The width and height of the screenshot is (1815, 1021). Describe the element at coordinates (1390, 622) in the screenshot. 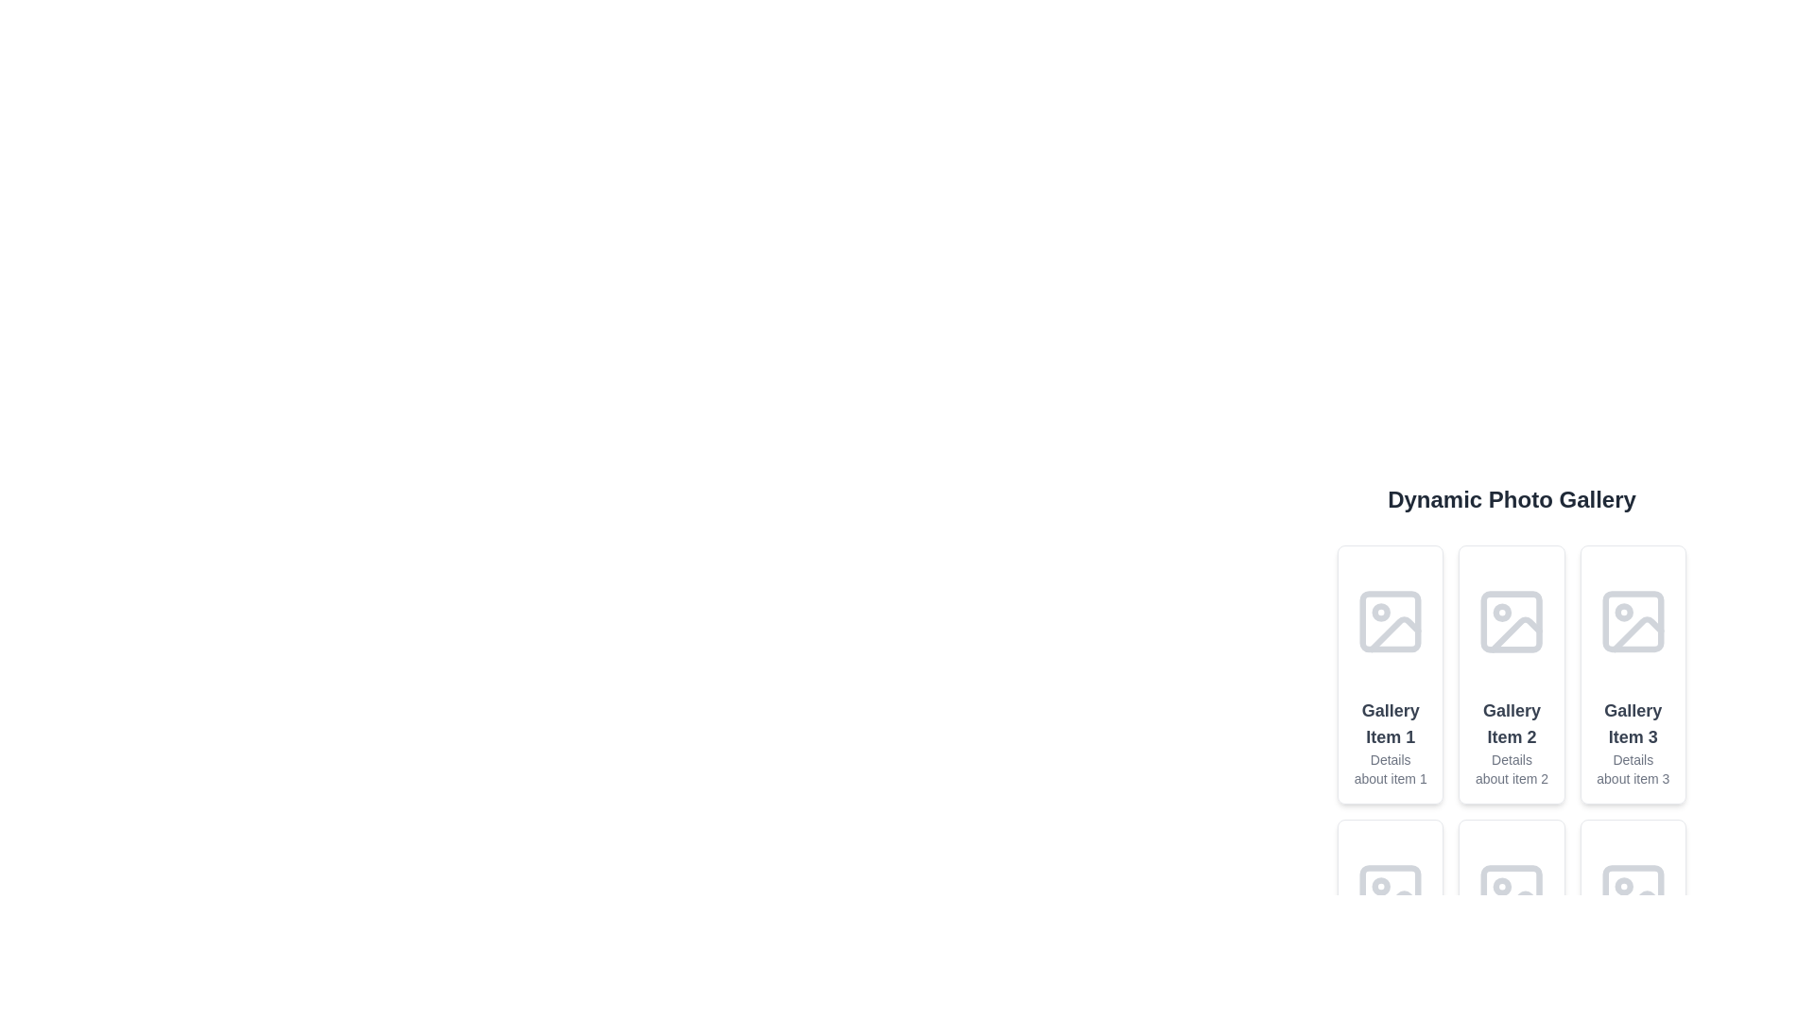

I see `the icon representing the gallery image placeholder located at the top section of the first gallery card under 'Dynamic Photo Gallery', above the text 'Gallery Item 1'` at that location.